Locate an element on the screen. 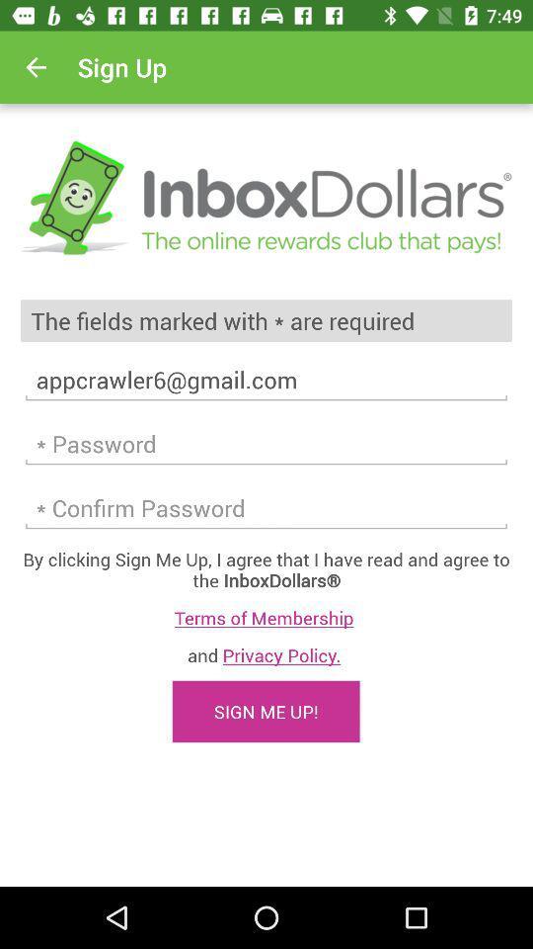 The width and height of the screenshot is (533, 949). type in password is located at coordinates (266, 507).